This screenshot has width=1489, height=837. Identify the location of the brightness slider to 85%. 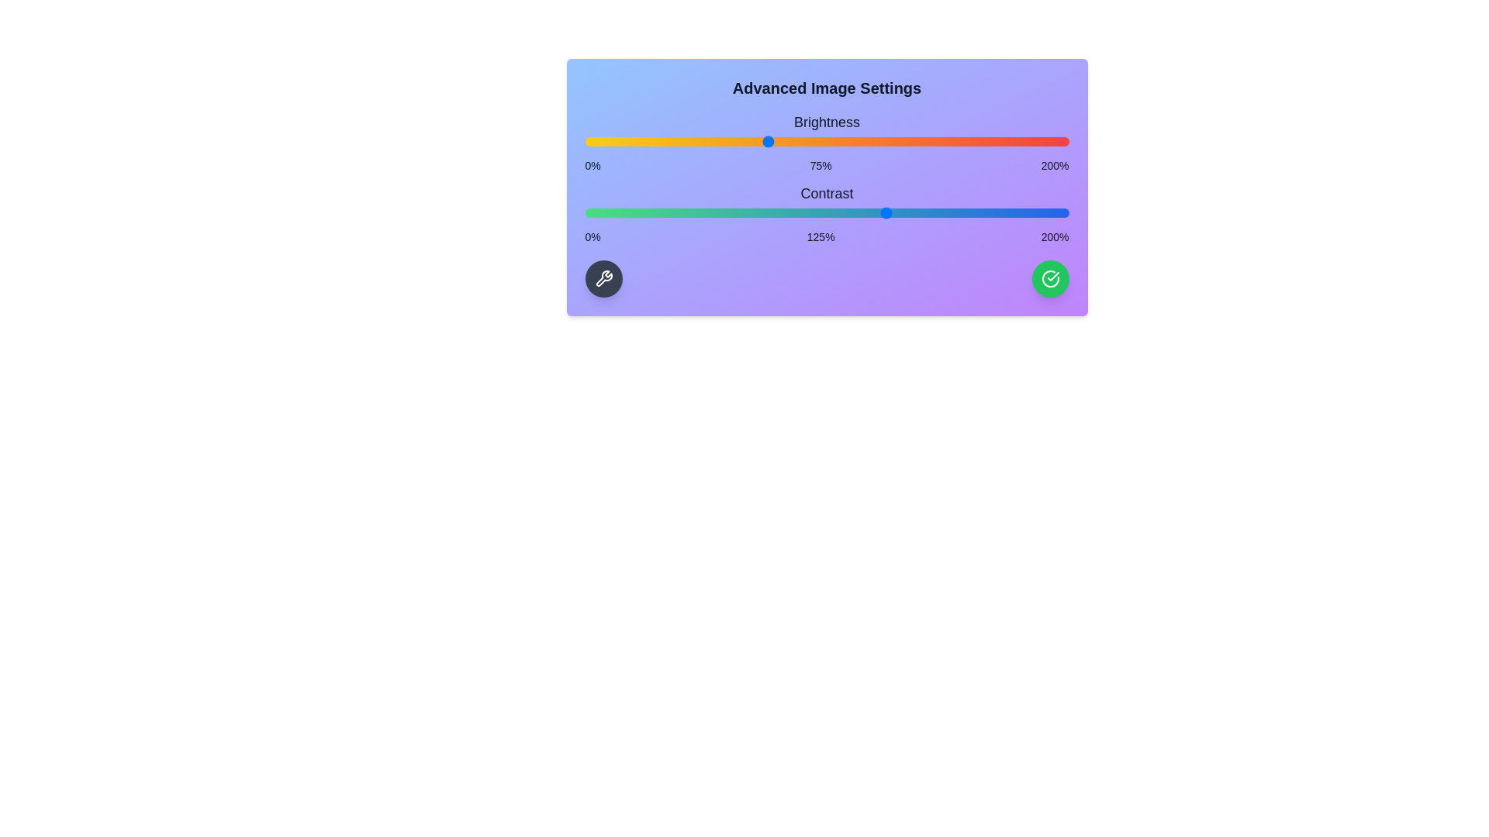
(790, 141).